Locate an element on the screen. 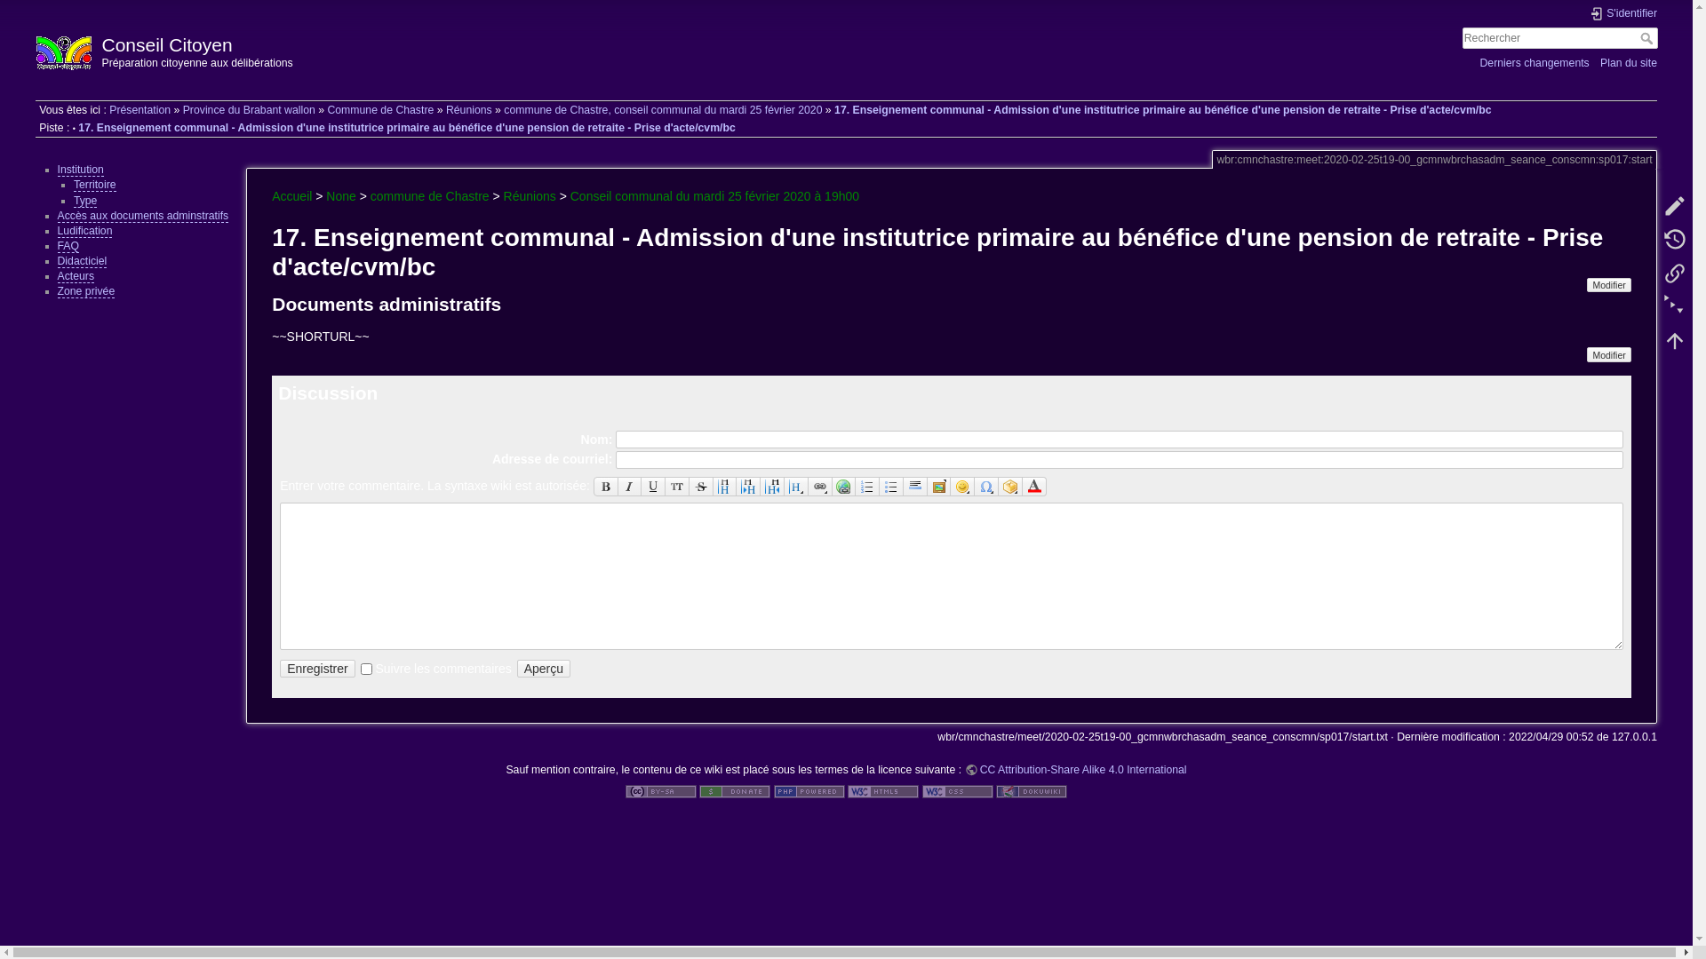 This screenshot has width=1706, height=959. 'Type' is located at coordinates (84, 200).